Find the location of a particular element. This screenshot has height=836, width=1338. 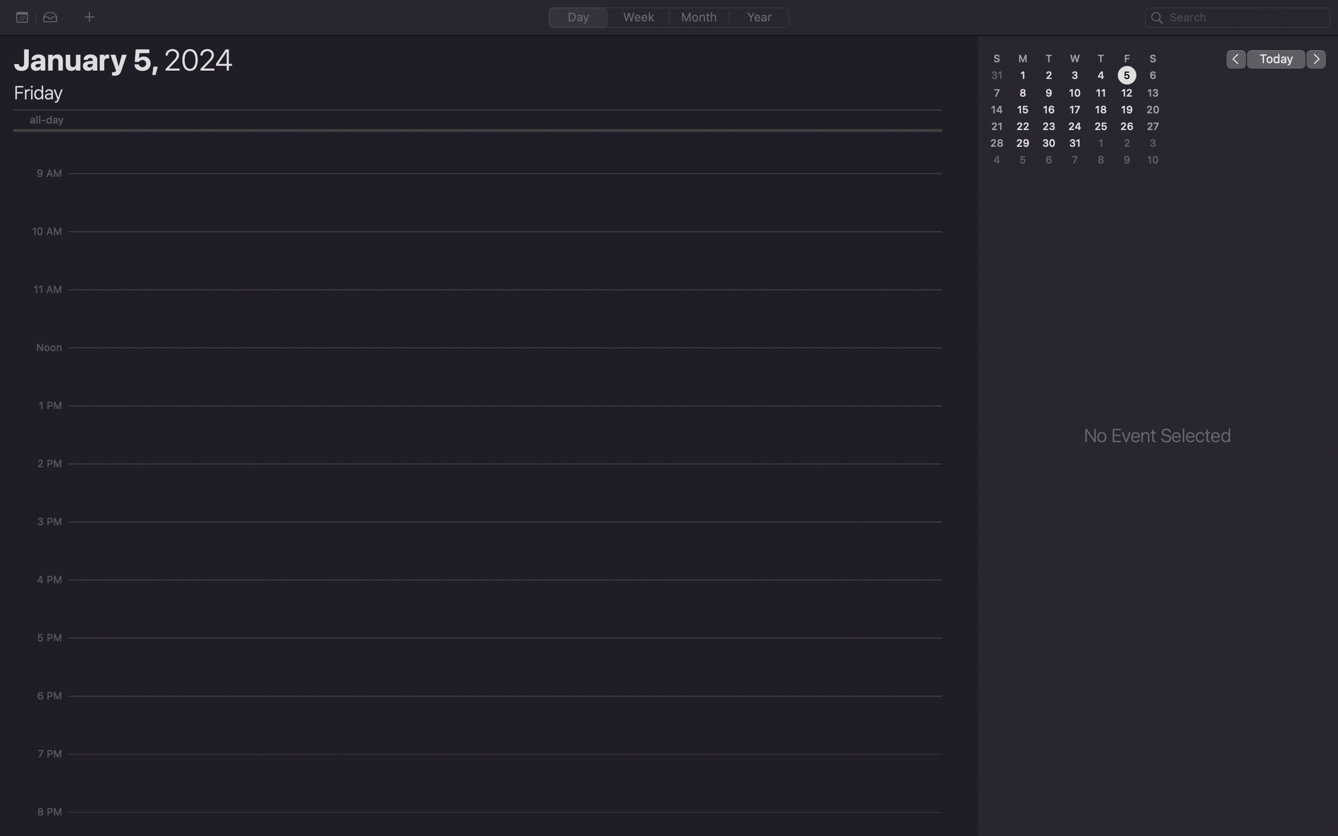

For event planning, scroll from 9 in the morning to 1 in the afternoon is located at coordinates (509, 179).